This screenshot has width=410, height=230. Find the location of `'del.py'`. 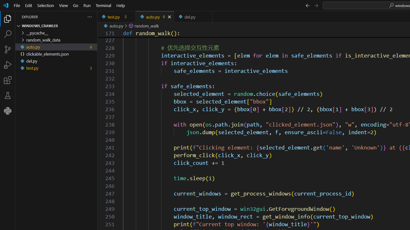

'del.py' is located at coordinates (193, 16).